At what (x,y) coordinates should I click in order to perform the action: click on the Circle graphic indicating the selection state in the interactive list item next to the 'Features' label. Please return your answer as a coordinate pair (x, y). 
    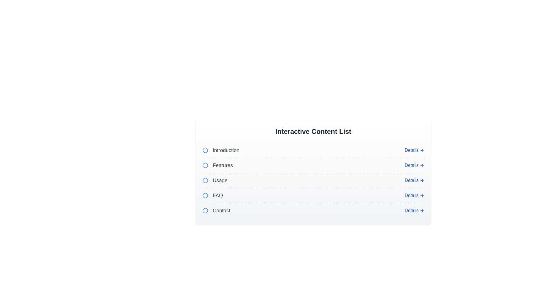
    Looking at the image, I should click on (205, 165).